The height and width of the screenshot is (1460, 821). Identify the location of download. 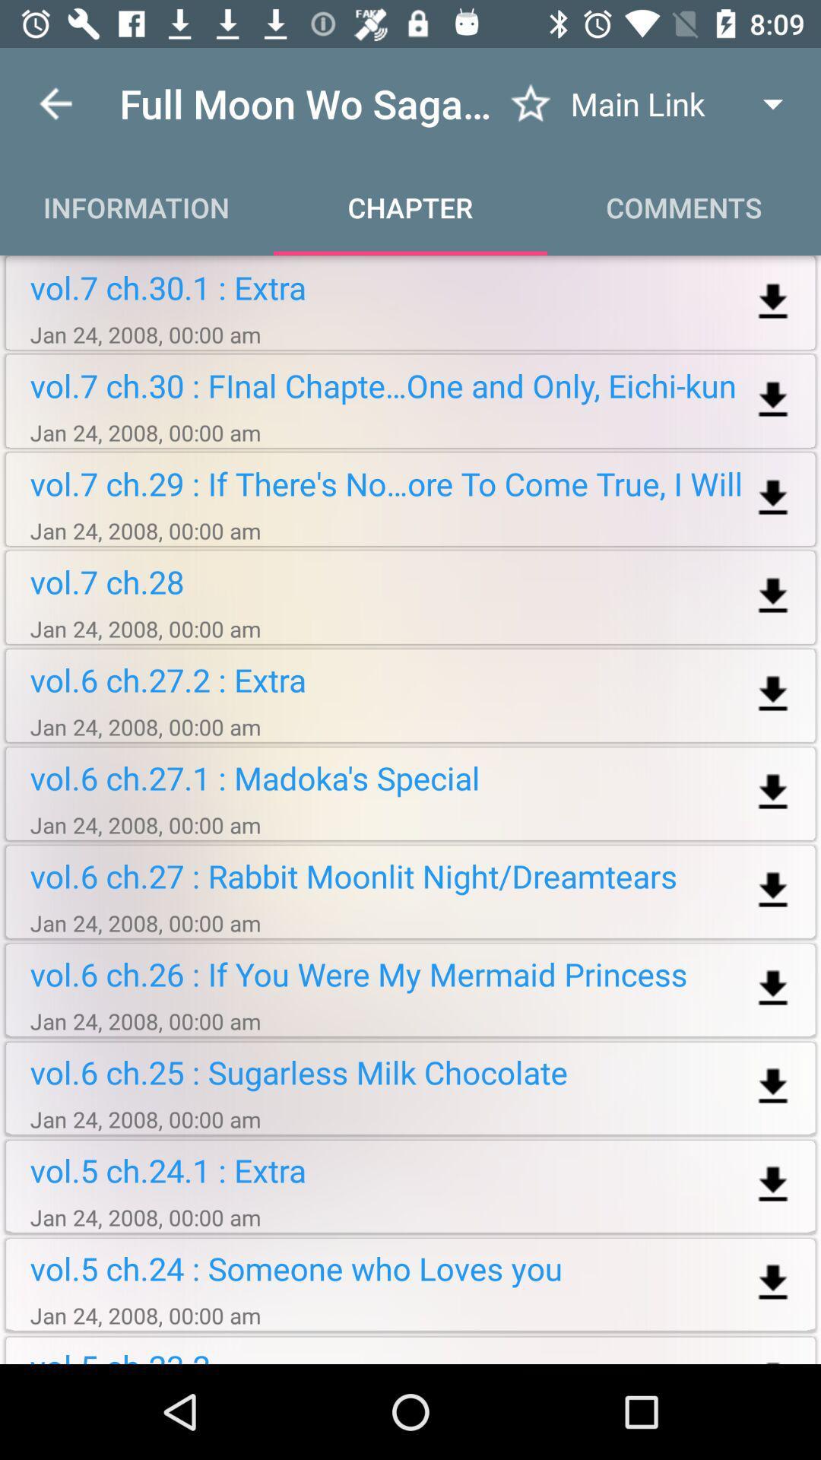
(773, 1184).